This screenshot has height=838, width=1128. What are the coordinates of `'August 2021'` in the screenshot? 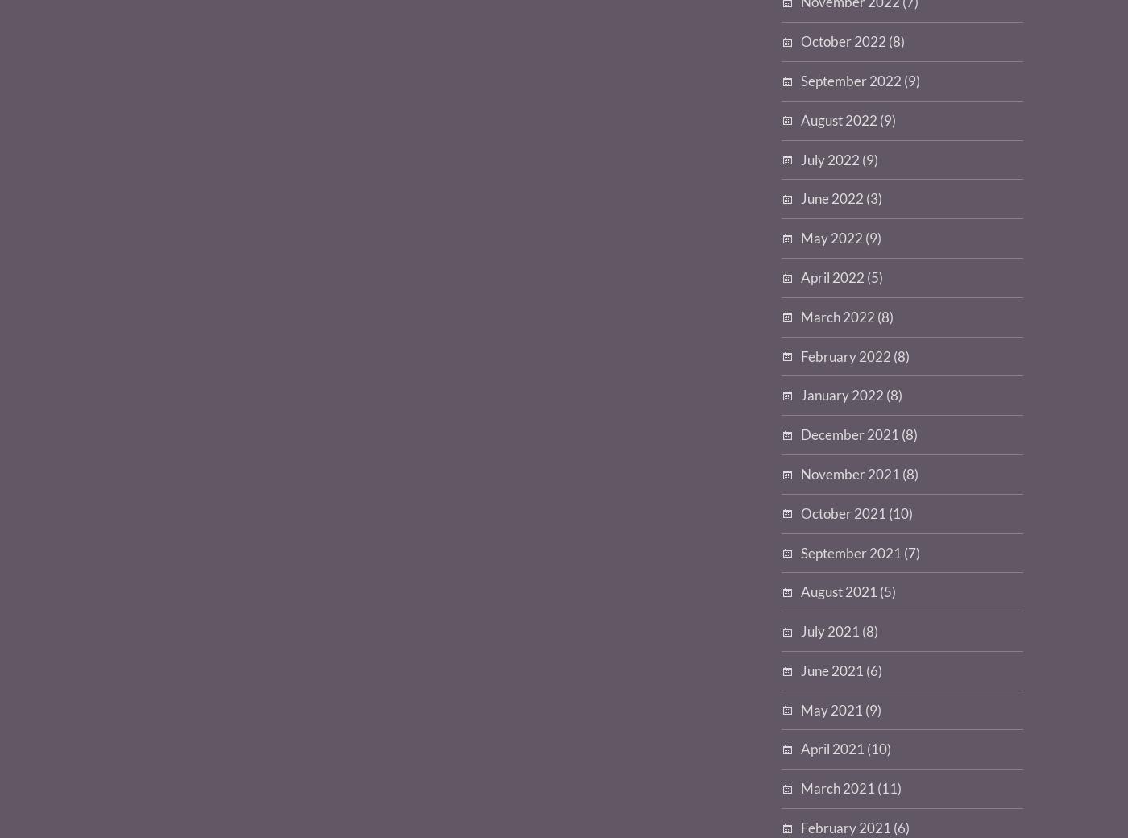 It's located at (839, 591).